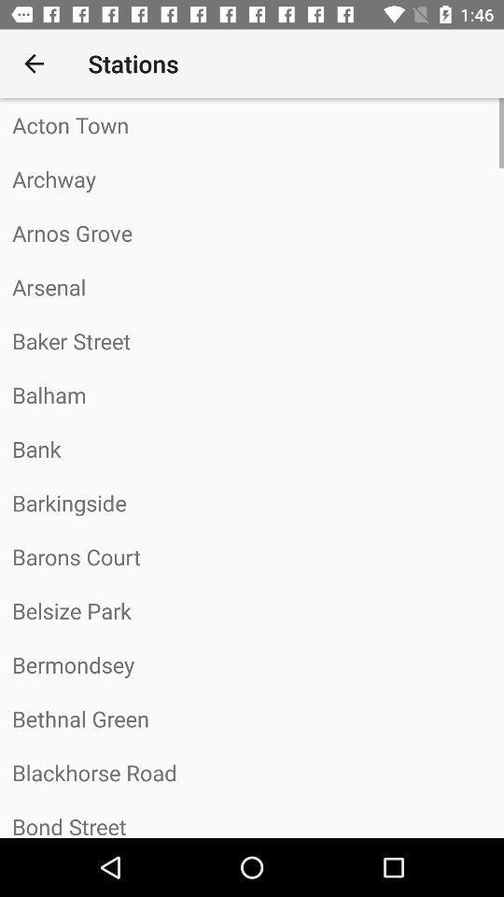 Image resolution: width=504 pixels, height=897 pixels. What do you see at coordinates (252, 340) in the screenshot?
I see `baker street item` at bounding box center [252, 340].